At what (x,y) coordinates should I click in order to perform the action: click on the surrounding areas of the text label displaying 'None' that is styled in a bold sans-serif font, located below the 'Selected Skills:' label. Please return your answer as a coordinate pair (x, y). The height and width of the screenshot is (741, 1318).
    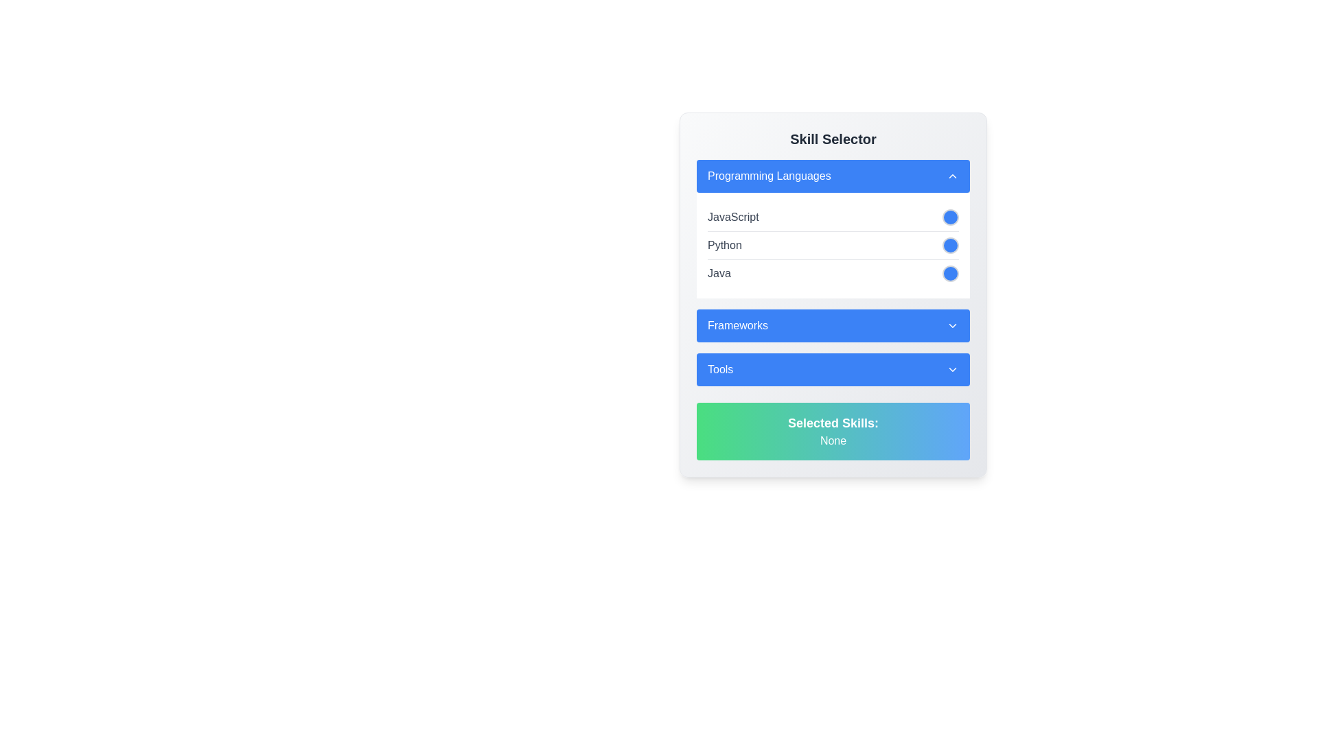
    Looking at the image, I should click on (833, 441).